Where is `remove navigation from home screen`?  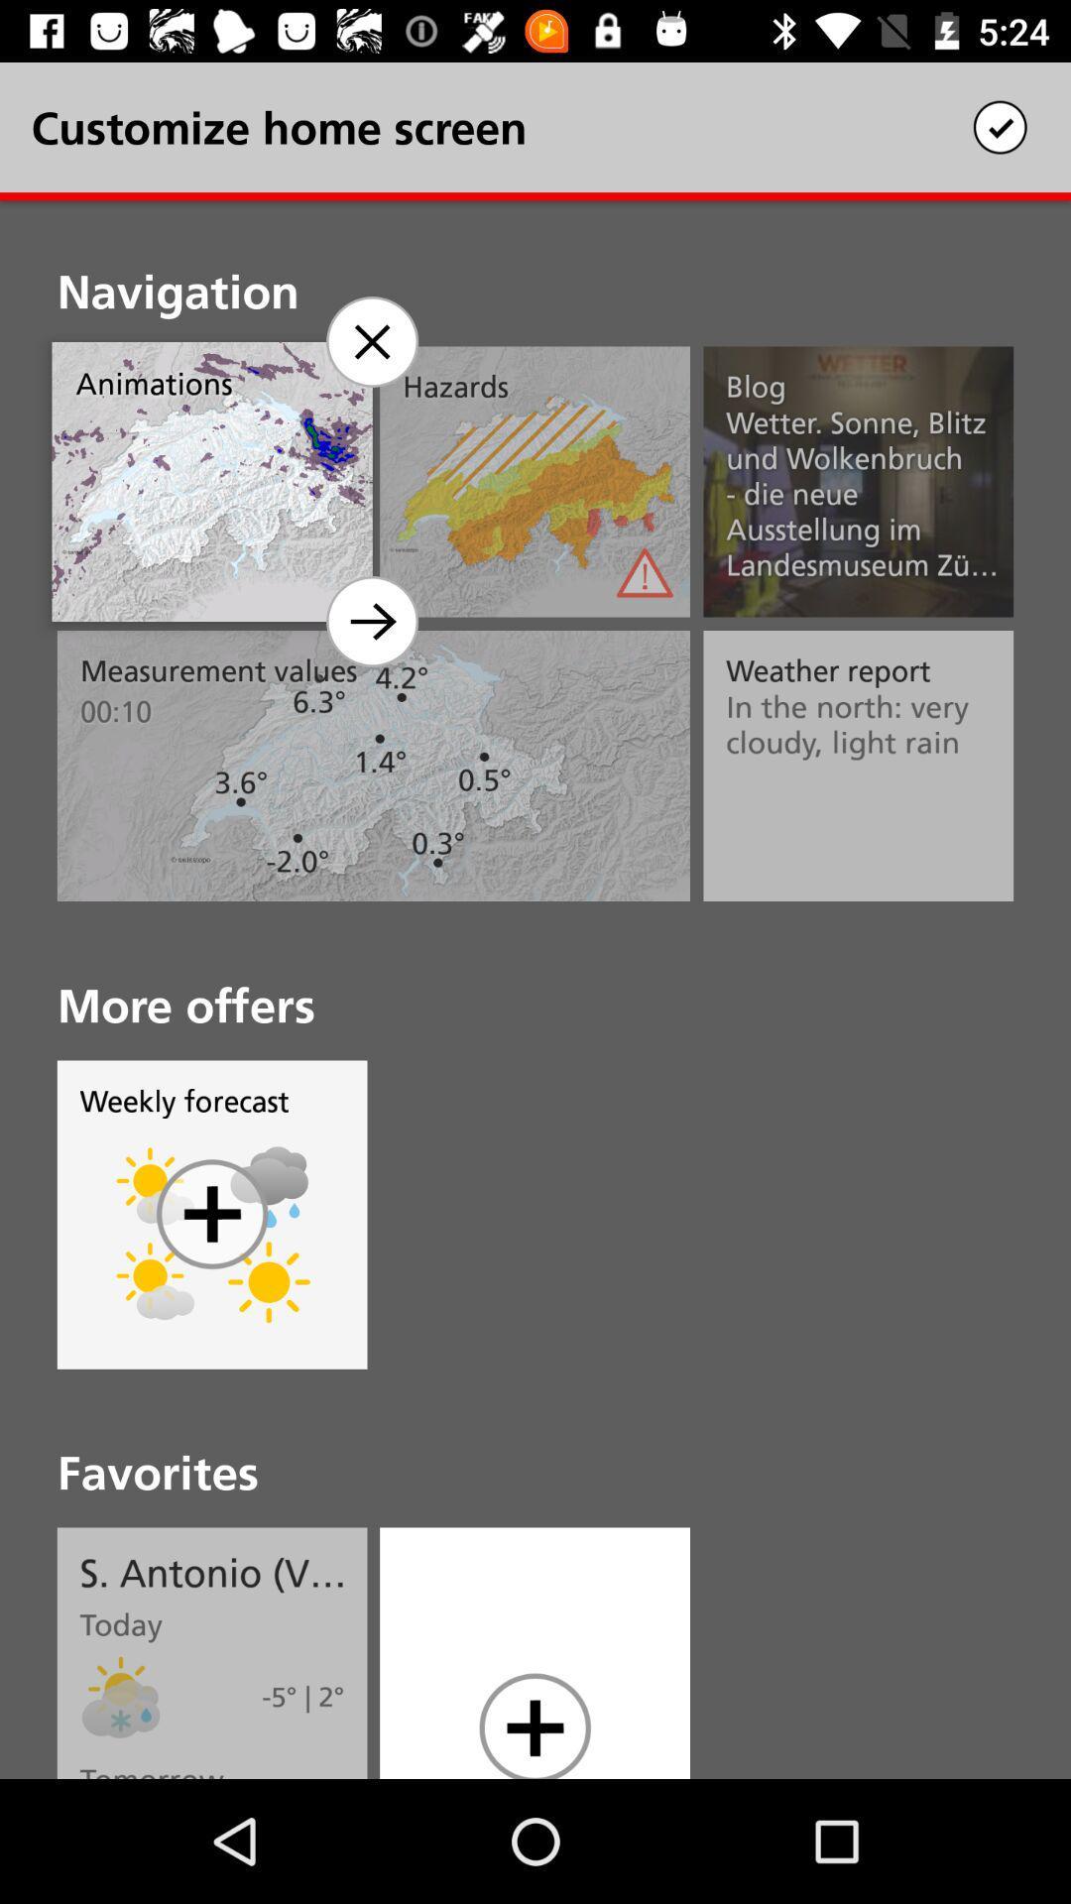 remove navigation from home screen is located at coordinates (371, 342).